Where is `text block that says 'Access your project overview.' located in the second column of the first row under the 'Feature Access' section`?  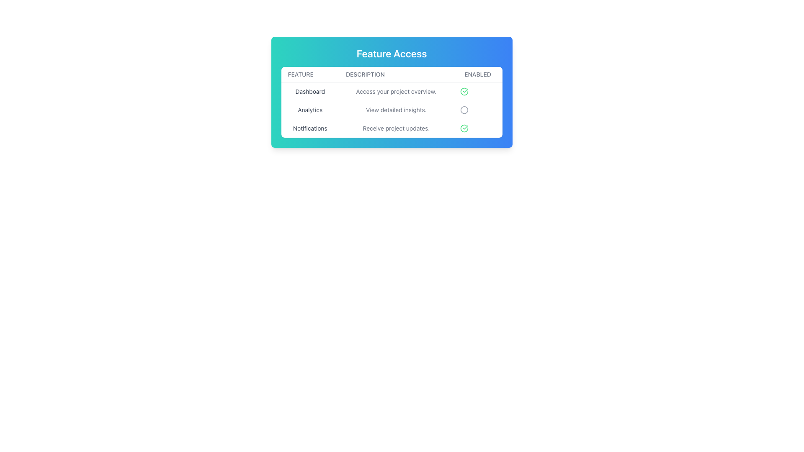
text block that says 'Access your project overview.' located in the second column of the first row under the 'Feature Access' section is located at coordinates (396, 91).